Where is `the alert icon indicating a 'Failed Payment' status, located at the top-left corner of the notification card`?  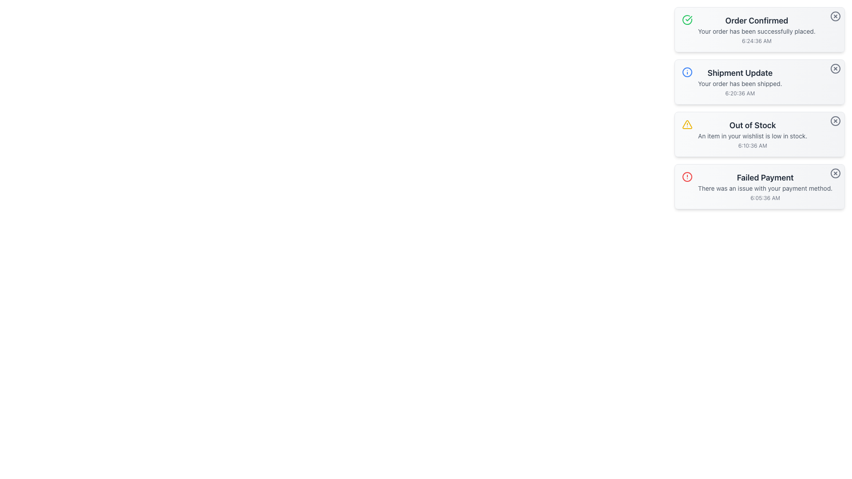 the alert icon indicating a 'Failed Payment' status, located at the top-left corner of the notification card is located at coordinates (687, 177).